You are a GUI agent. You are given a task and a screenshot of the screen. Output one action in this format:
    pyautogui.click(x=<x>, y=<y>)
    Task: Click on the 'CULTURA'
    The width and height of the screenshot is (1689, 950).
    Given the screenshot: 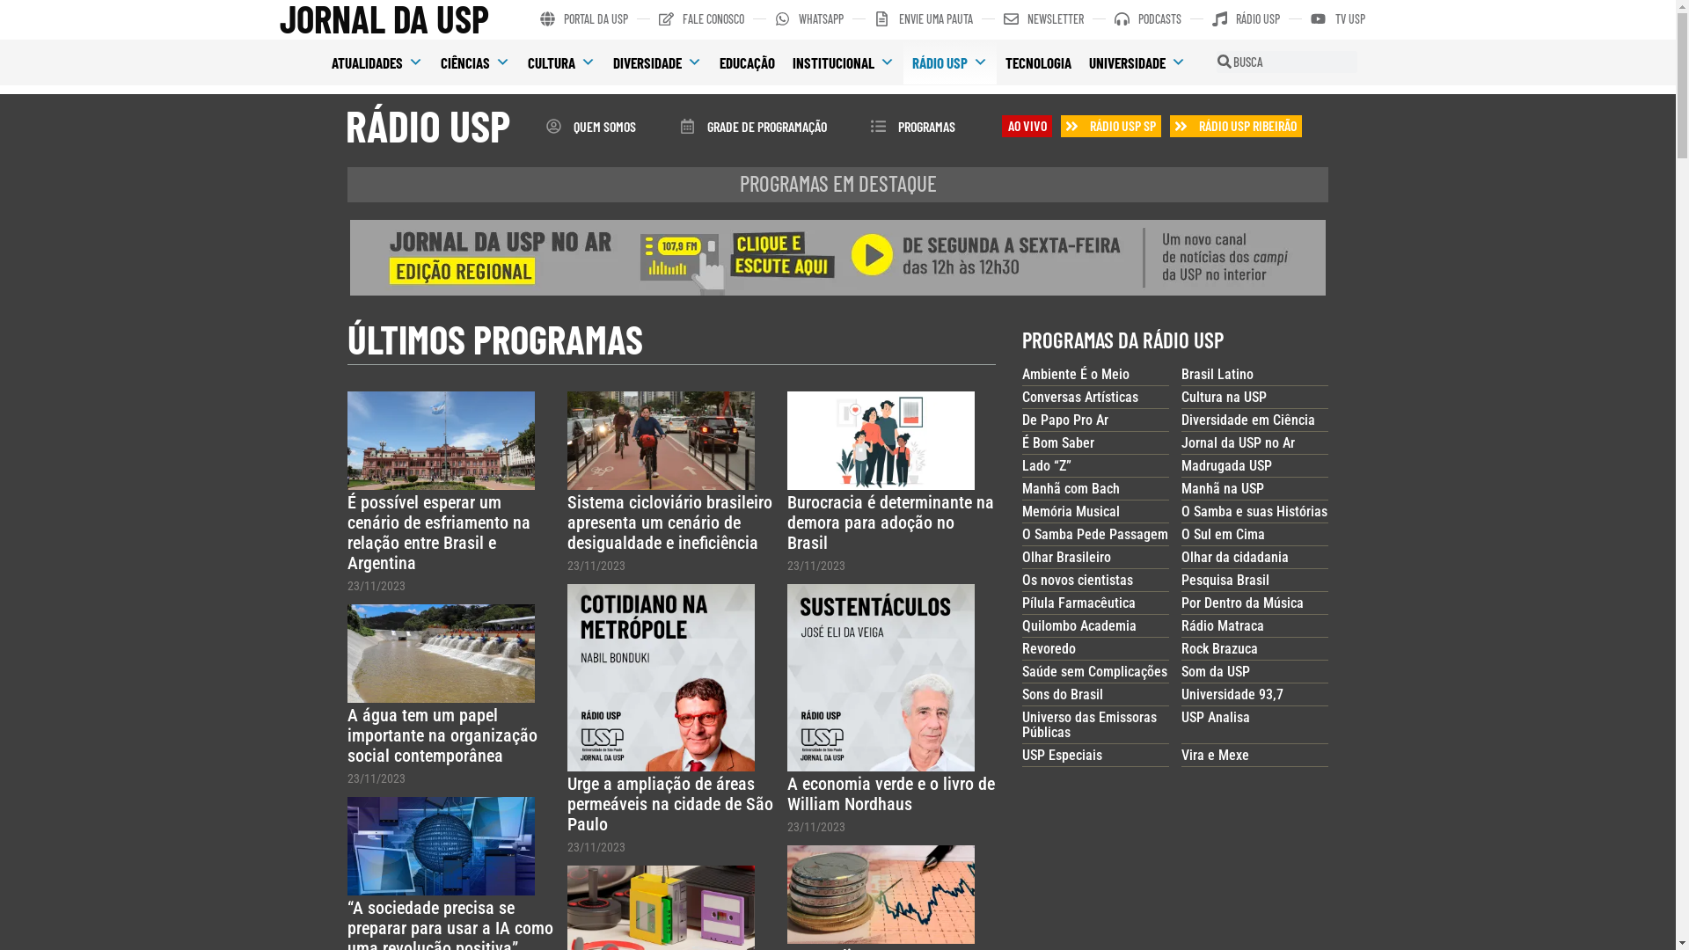 What is the action you would take?
    pyautogui.click(x=560, y=61)
    